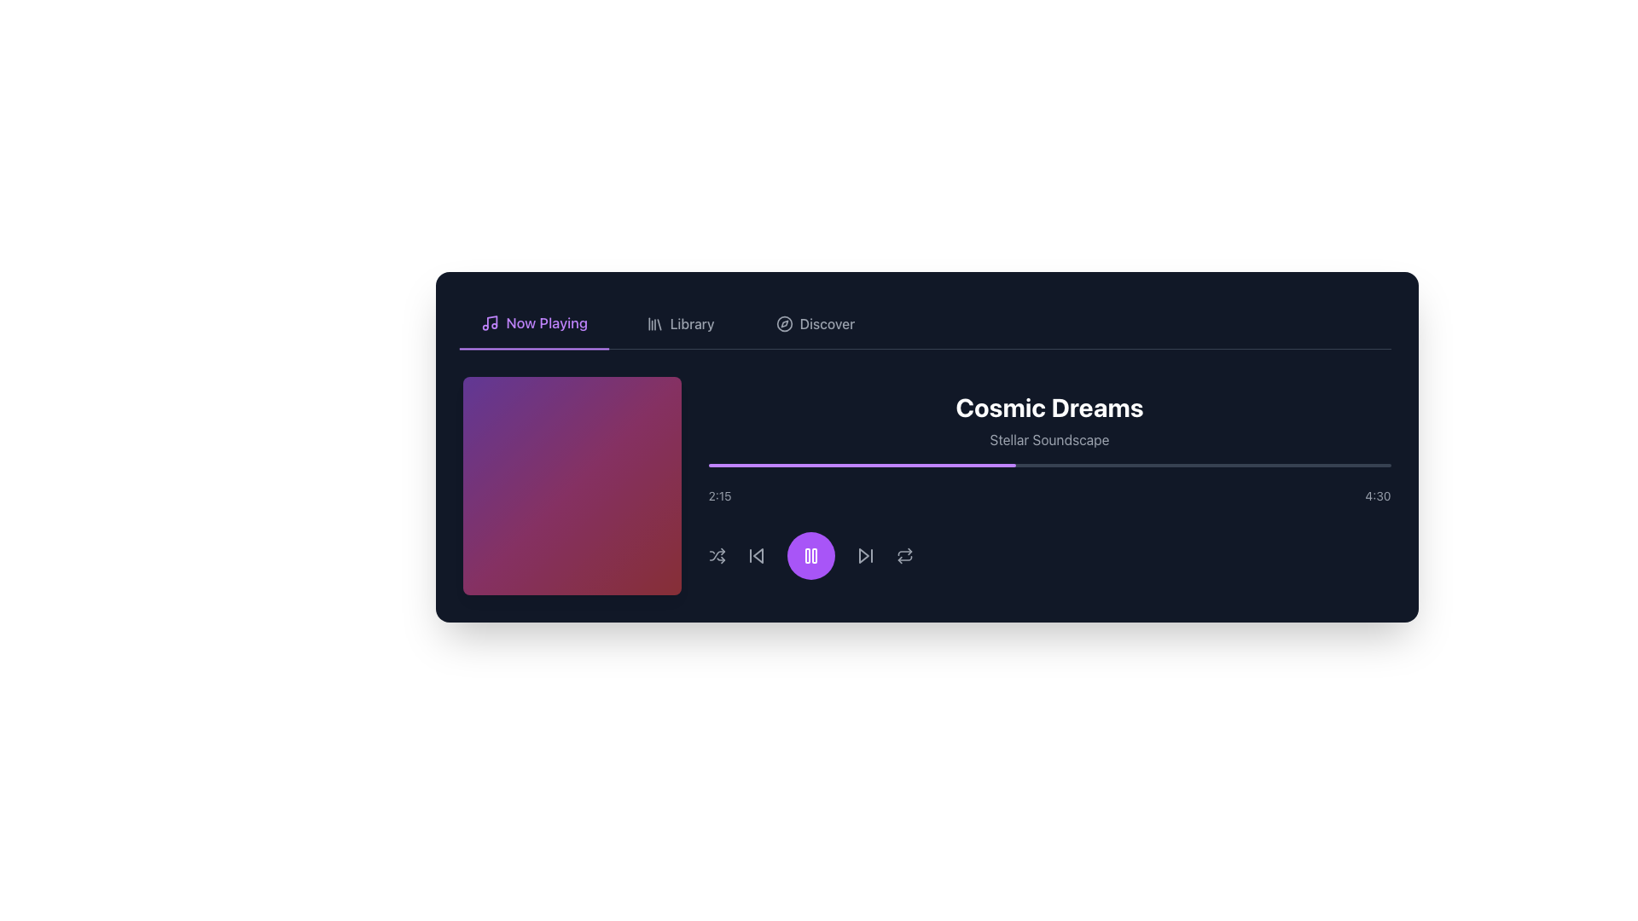  I want to click on the image placeholder or visual representation box located on the left side of the media player interface, adjacent to track details, so click(572, 486).